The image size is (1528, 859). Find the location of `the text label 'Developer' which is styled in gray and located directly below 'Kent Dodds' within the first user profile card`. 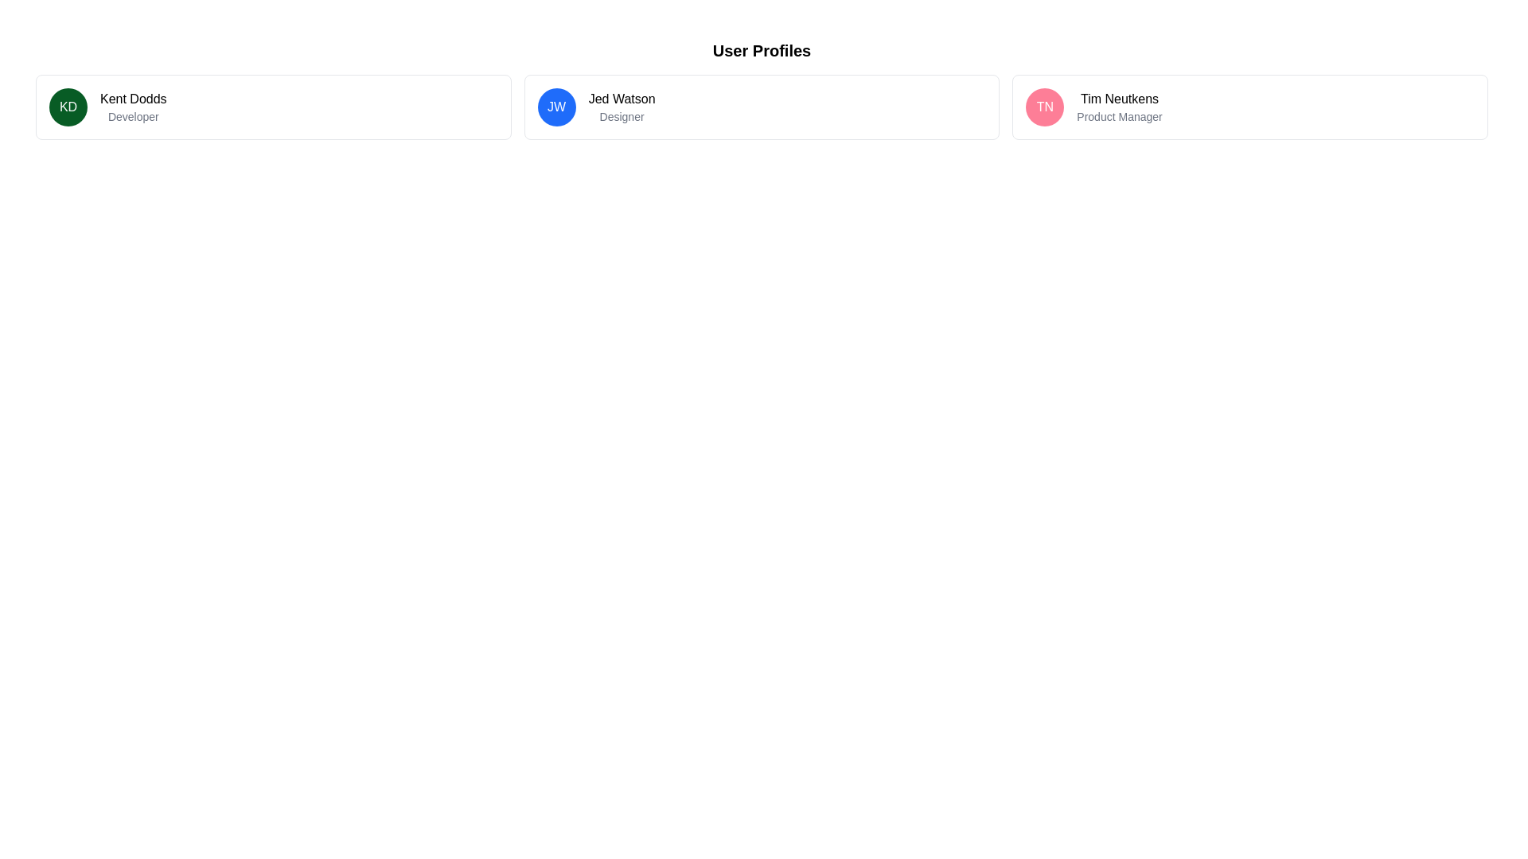

the text label 'Developer' which is styled in gray and located directly below 'Kent Dodds' within the first user profile card is located at coordinates (133, 115).